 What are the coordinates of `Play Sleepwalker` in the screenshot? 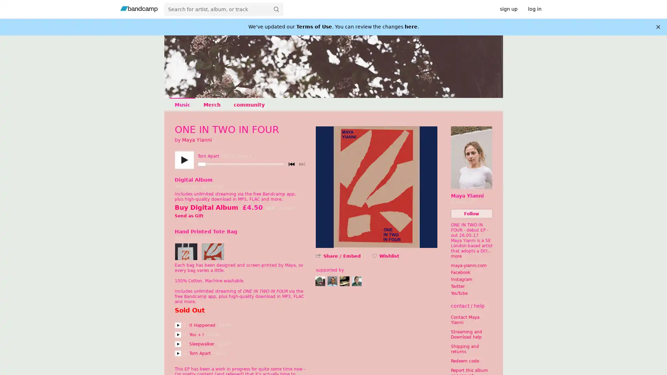 It's located at (178, 344).